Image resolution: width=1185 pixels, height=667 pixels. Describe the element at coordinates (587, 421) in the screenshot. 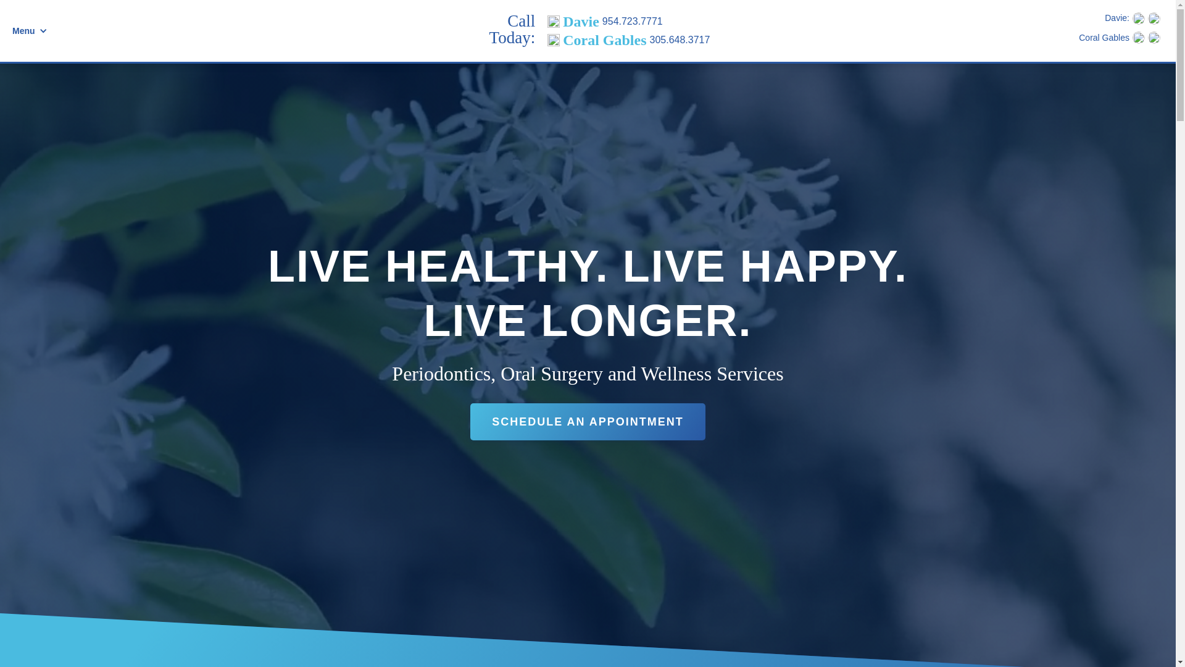

I see `'SCHEDULE AN APPOINTMENT'` at that location.